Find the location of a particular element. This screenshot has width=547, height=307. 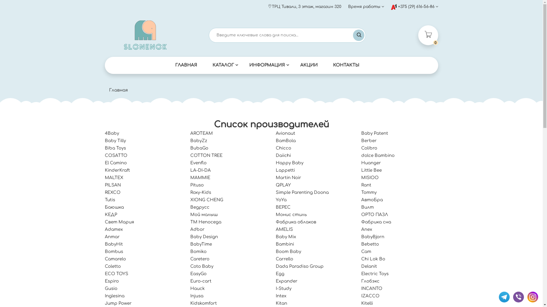

'BubaGo' is located at coordinates (199, 148).